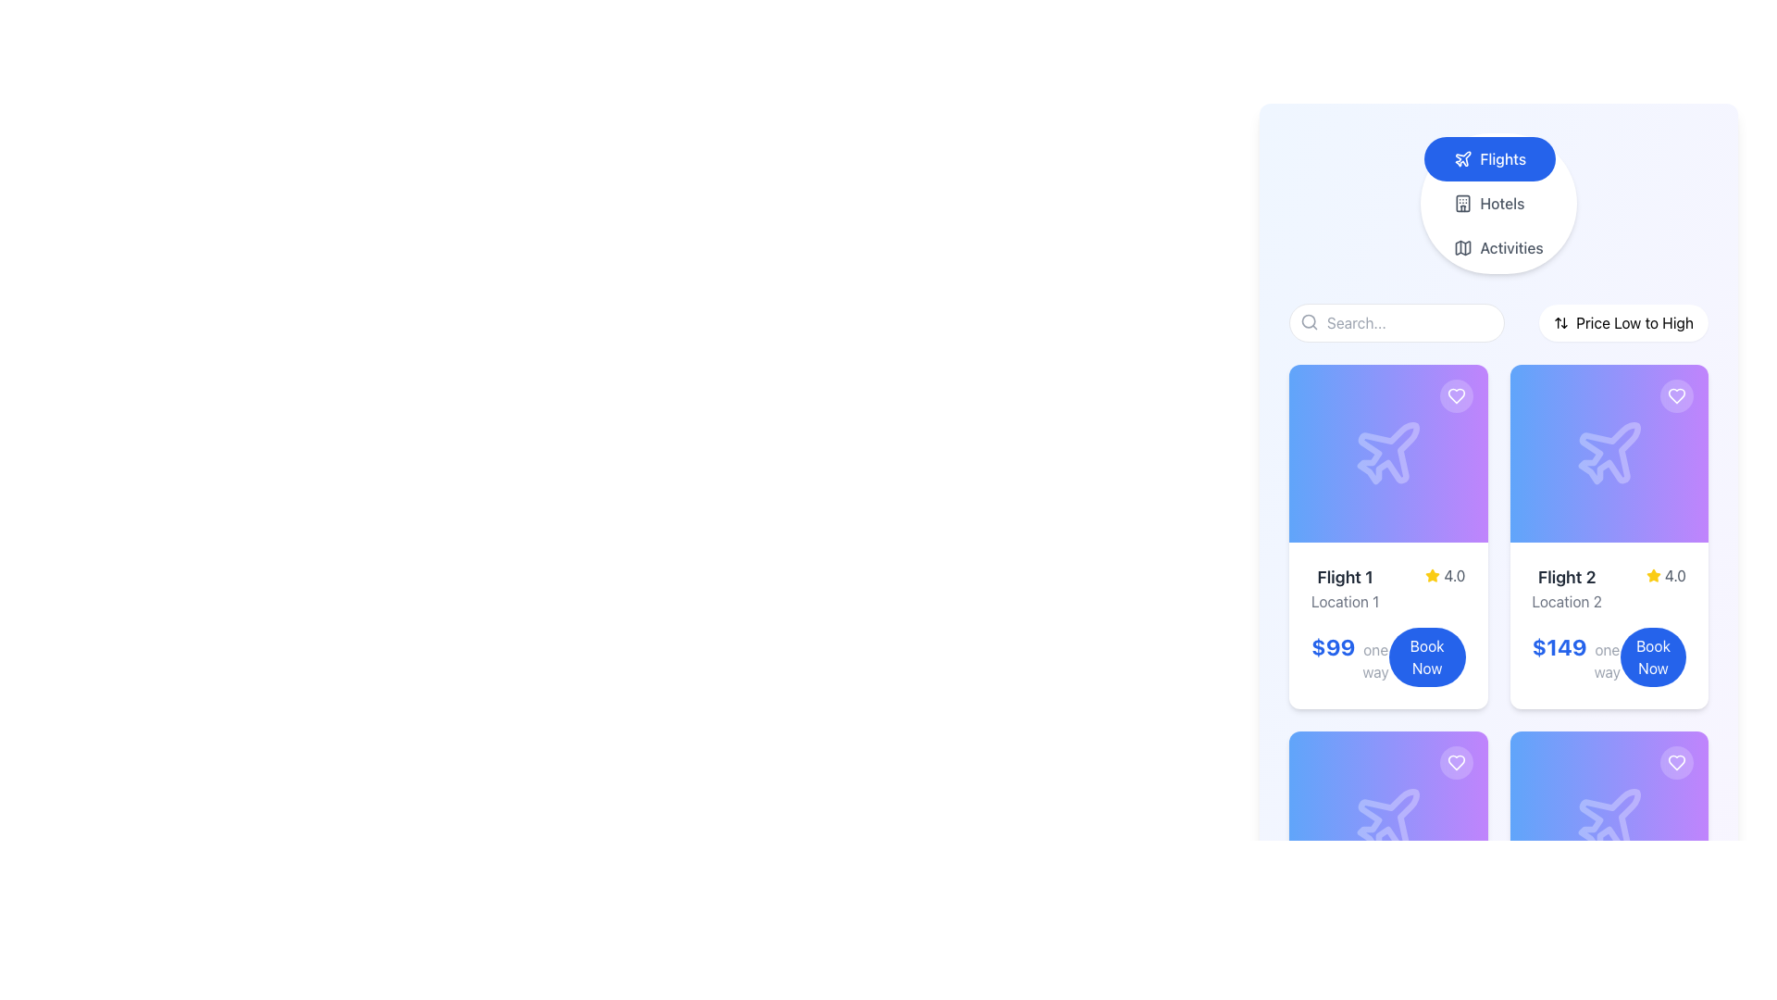 This screenshot has height=1000, width=1777. I want to click on the text displaying the rating score '4.0' styled in gray, which is positioned to the right of a yellow star icon within the second flight card, so click(1675, 574).